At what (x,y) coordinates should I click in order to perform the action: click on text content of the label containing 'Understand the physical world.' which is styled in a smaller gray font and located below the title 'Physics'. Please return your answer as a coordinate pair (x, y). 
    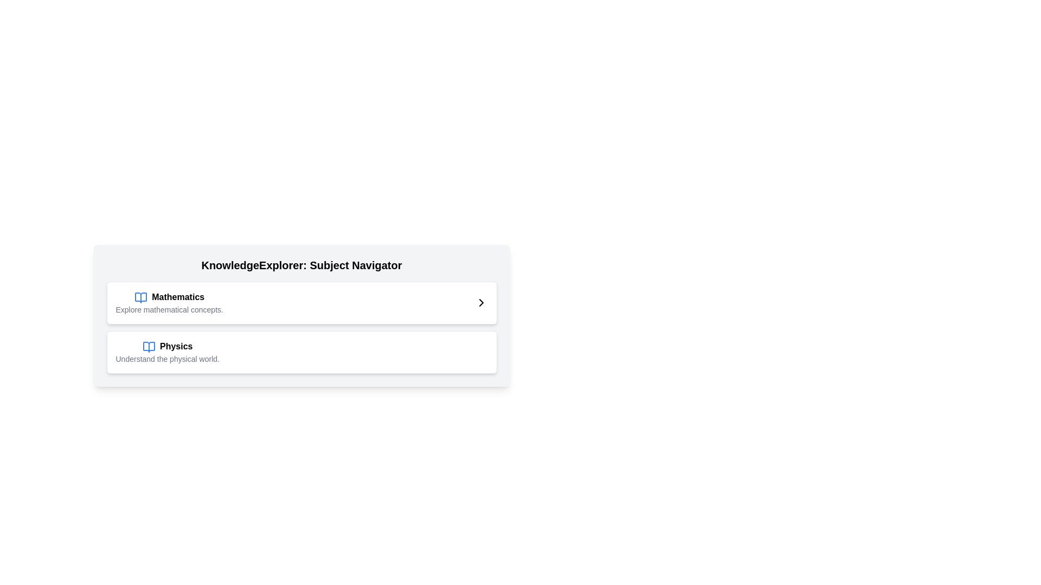
    Looking at the image, I should click on (167, 359).